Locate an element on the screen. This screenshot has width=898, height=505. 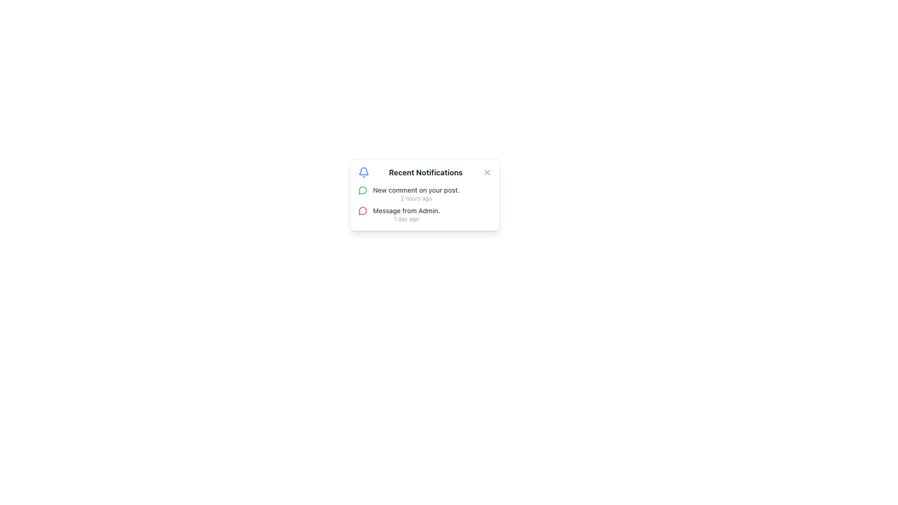
the close button located at the top-right corner of the 'Recent Notifications' notification card is located at coordinates (486, 173).